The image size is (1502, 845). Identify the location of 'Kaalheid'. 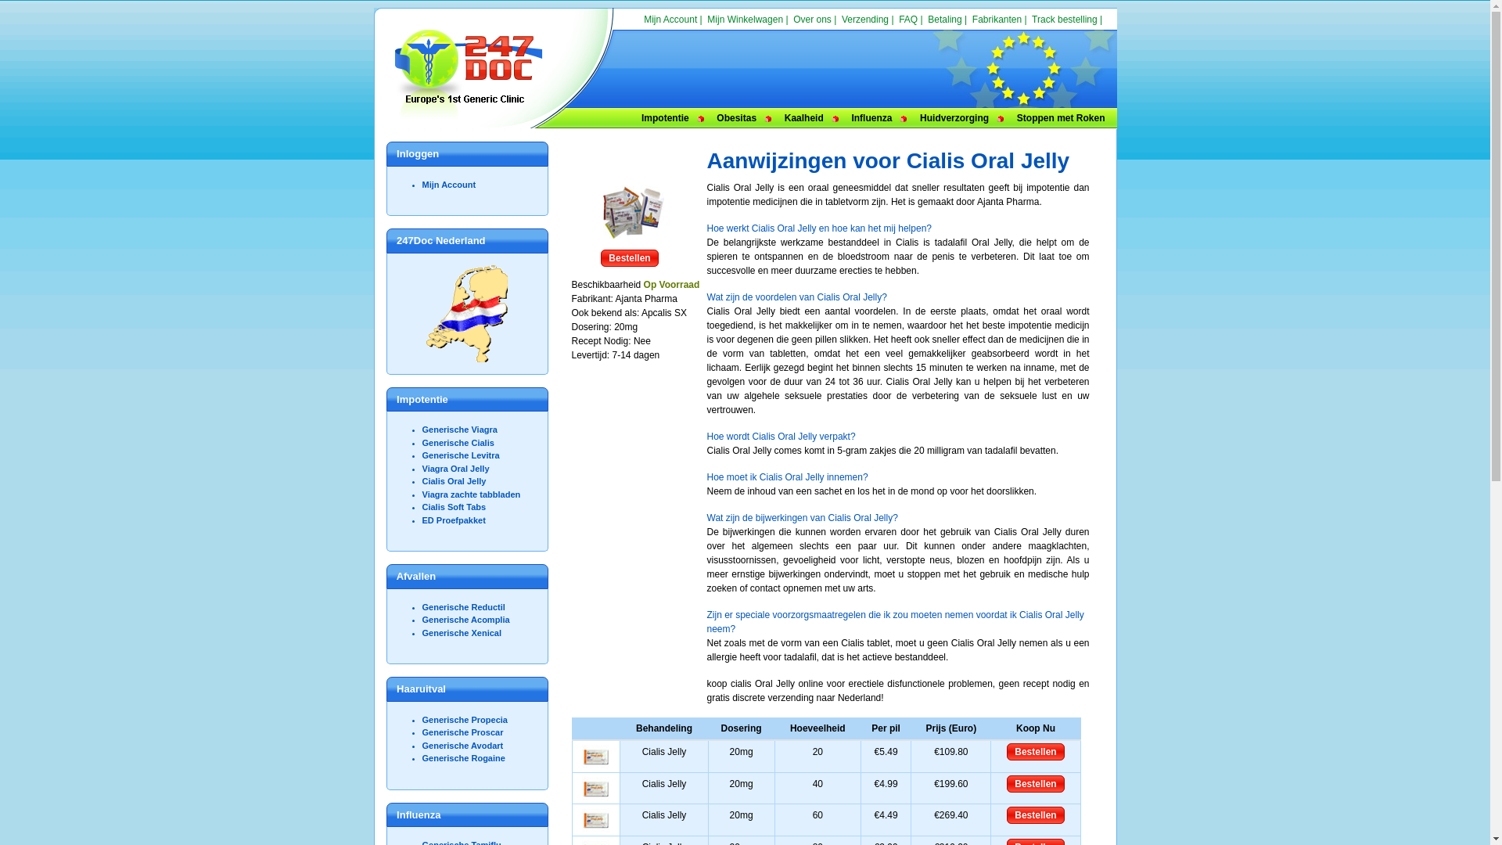
(803, 117).